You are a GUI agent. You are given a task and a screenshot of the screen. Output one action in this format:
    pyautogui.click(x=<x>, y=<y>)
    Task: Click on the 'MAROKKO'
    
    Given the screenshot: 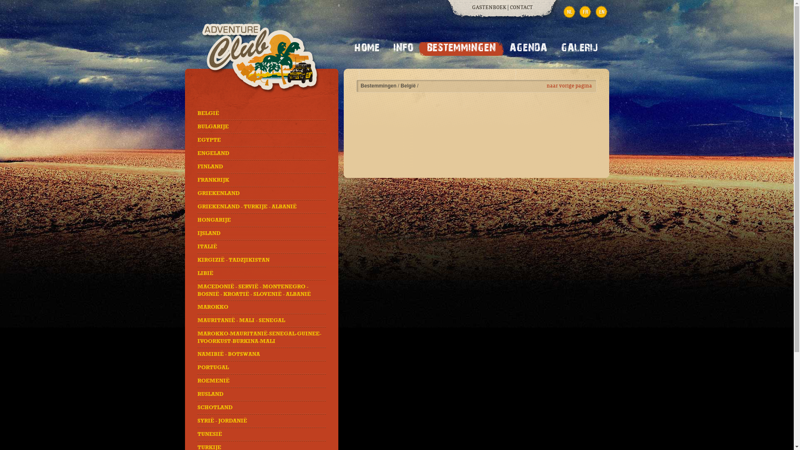 What is the action you would take?
    pyautogui.click(x=212, y=307)
    